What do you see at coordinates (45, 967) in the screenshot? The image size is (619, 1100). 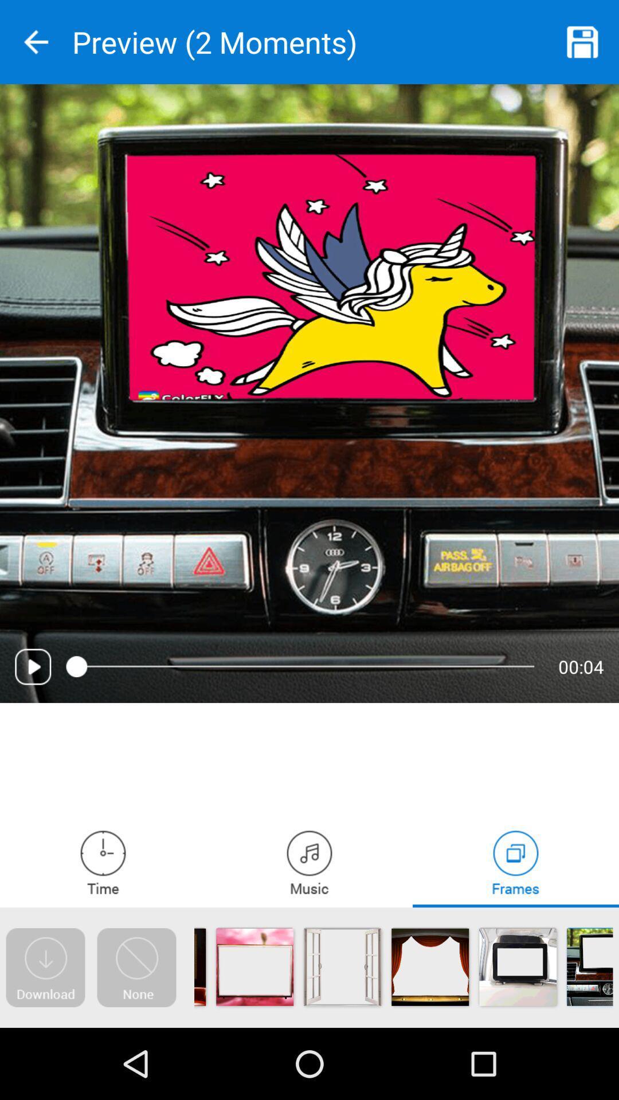 I see `download file` at bounding box center [45, 967].